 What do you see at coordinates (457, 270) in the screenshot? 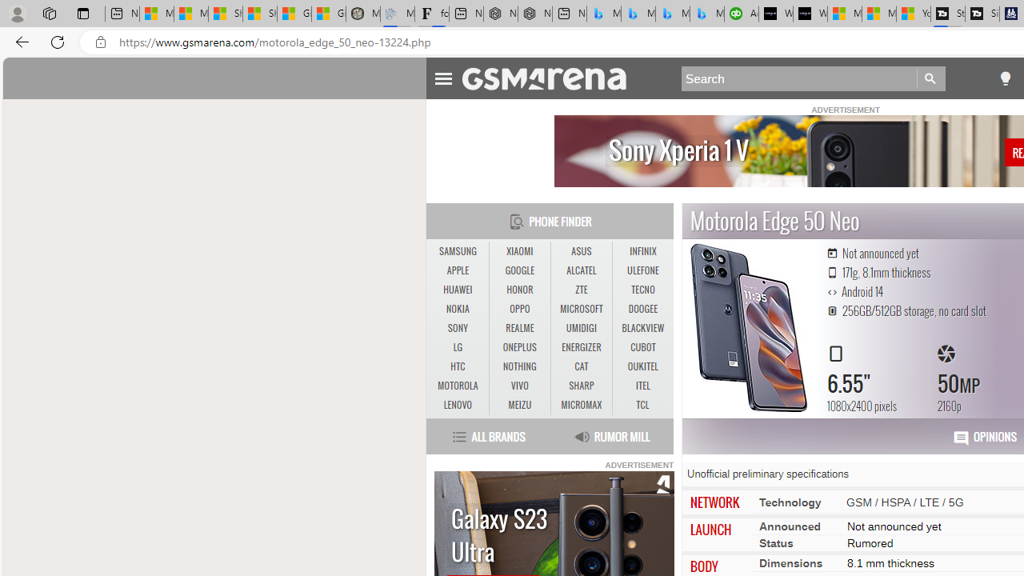
I see `'APPLE'` at bounding box center [457, 270].